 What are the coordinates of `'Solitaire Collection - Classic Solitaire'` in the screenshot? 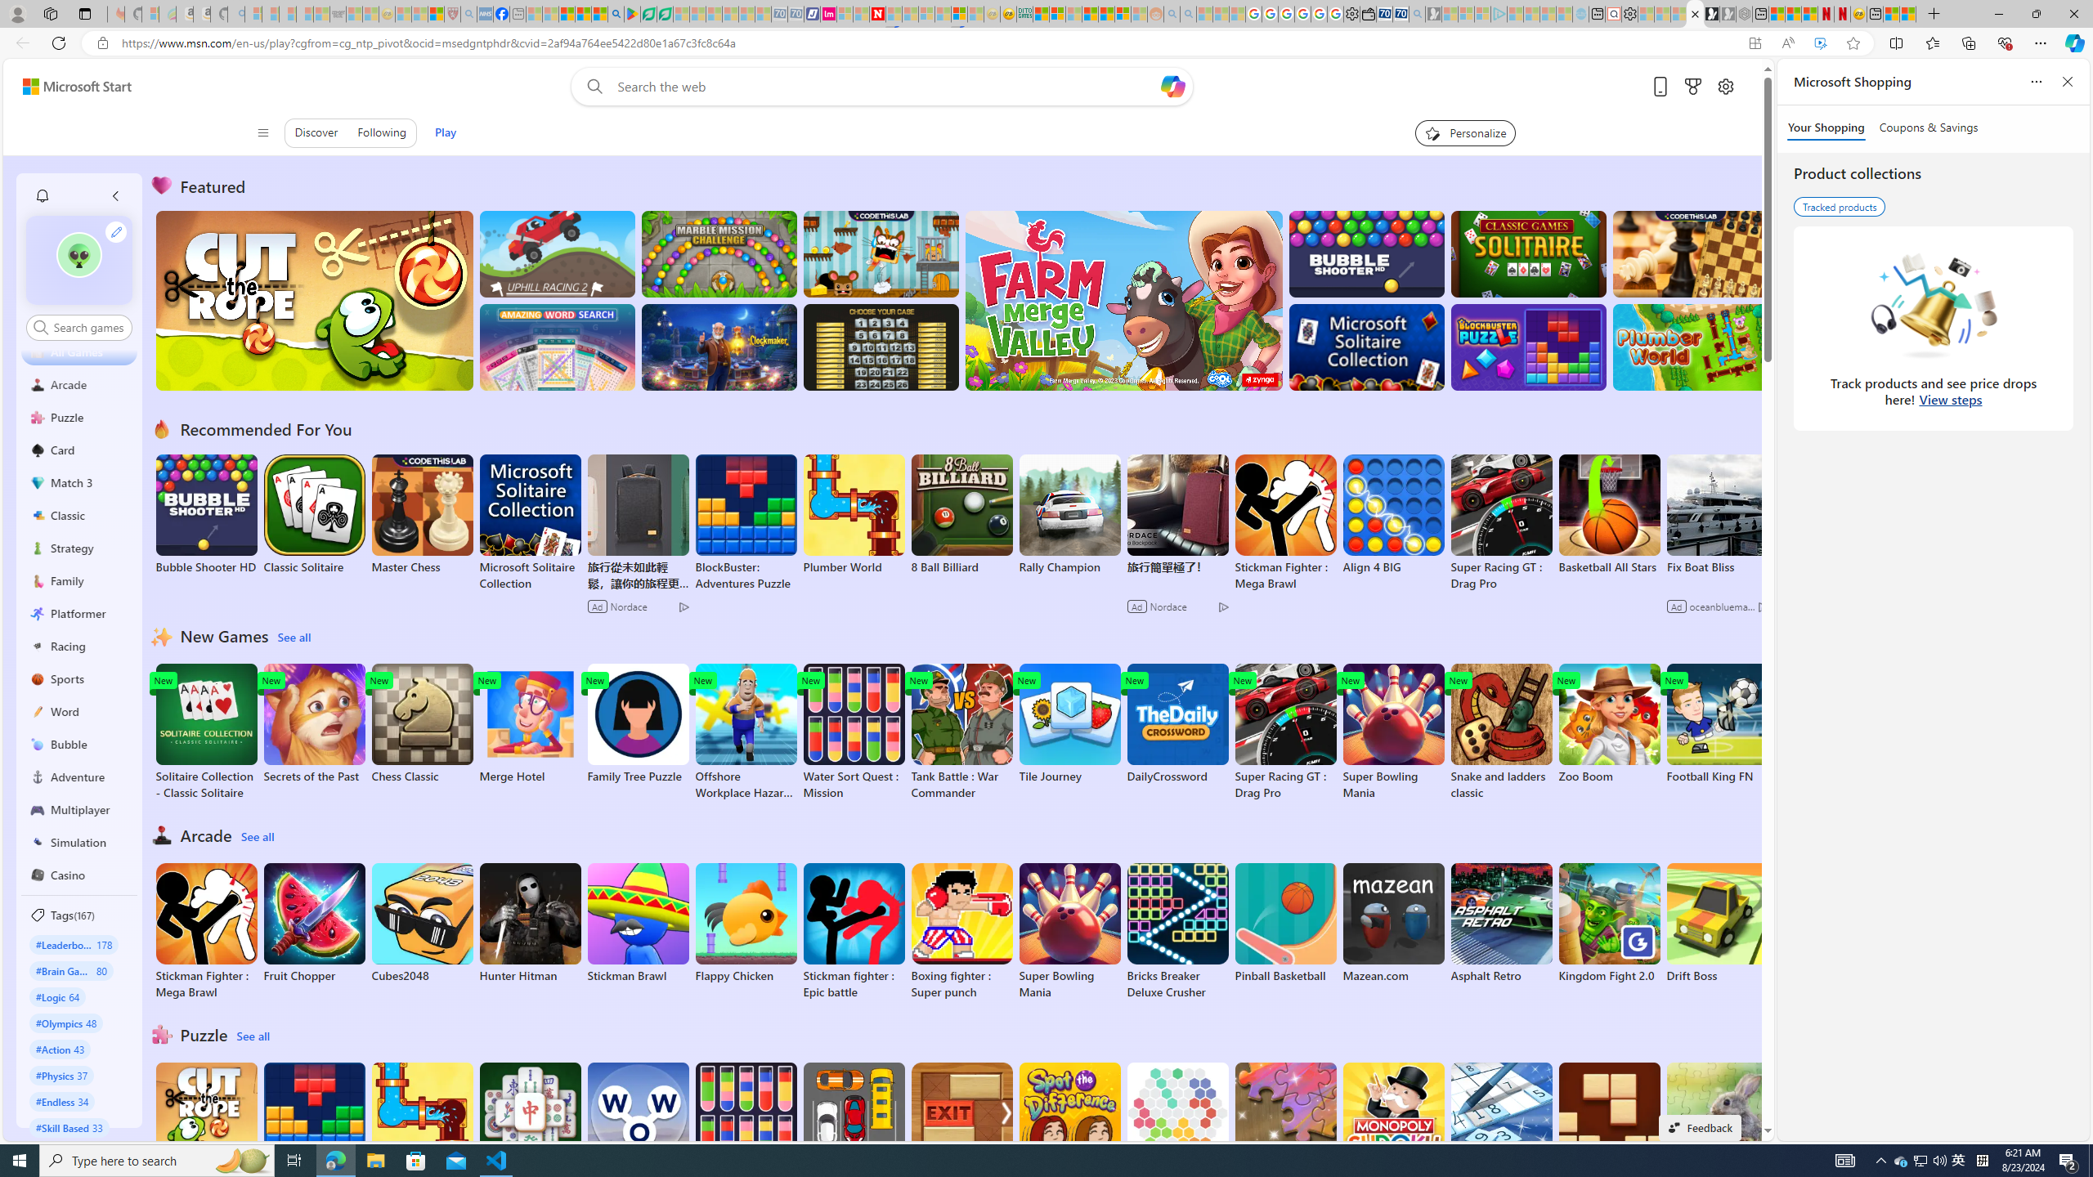 It's located at (206, 732).